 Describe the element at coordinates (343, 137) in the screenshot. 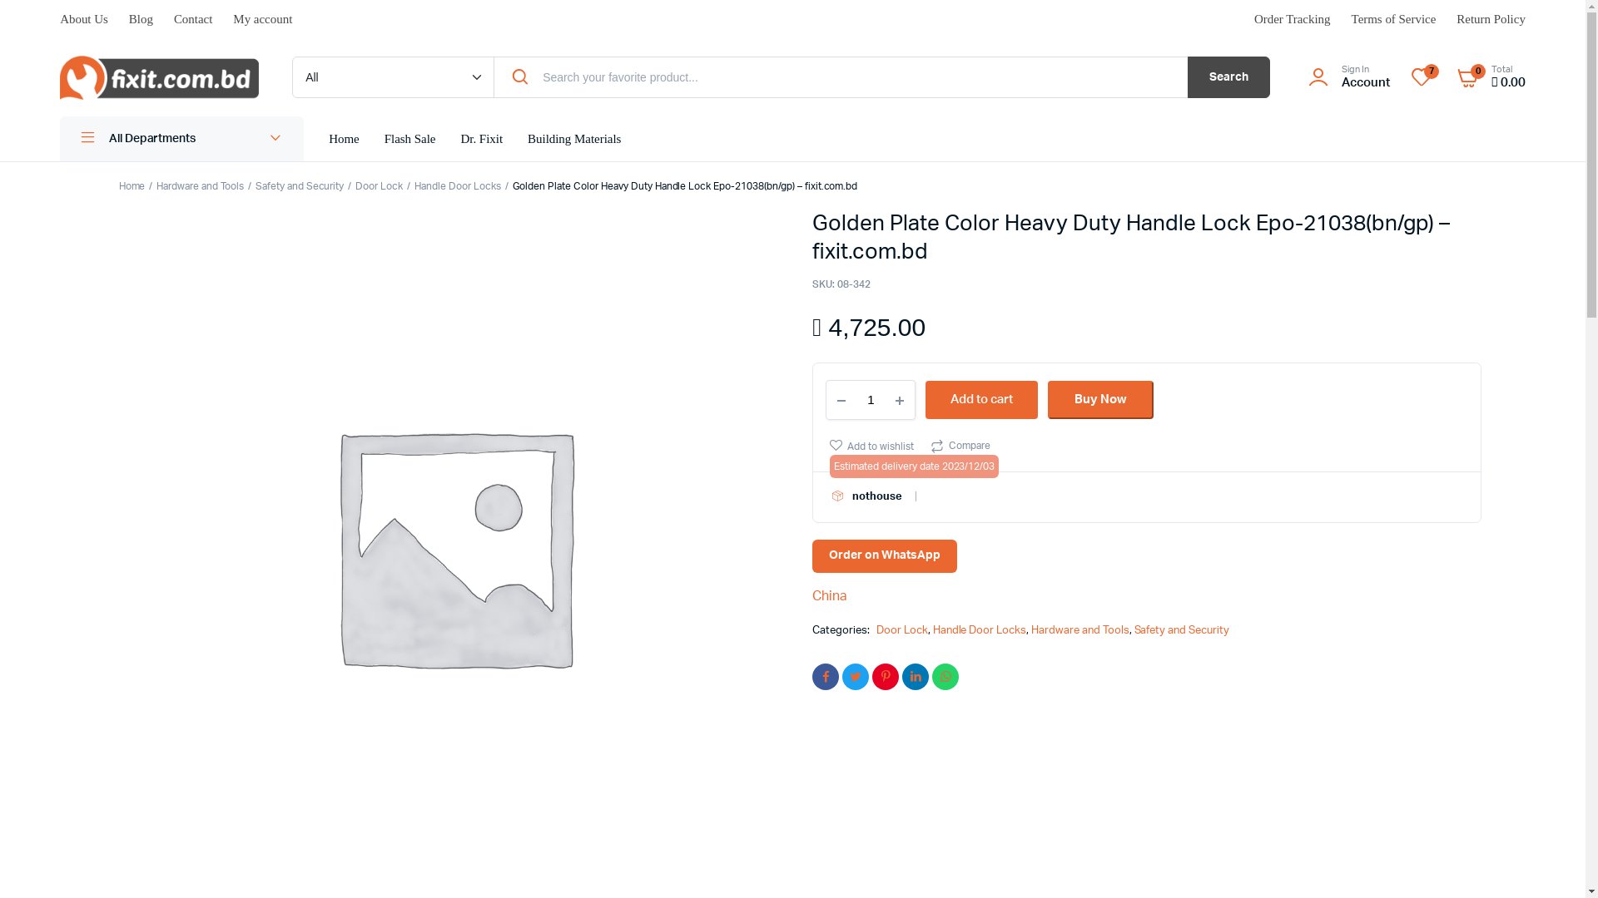

I see `'Home'` at that location.